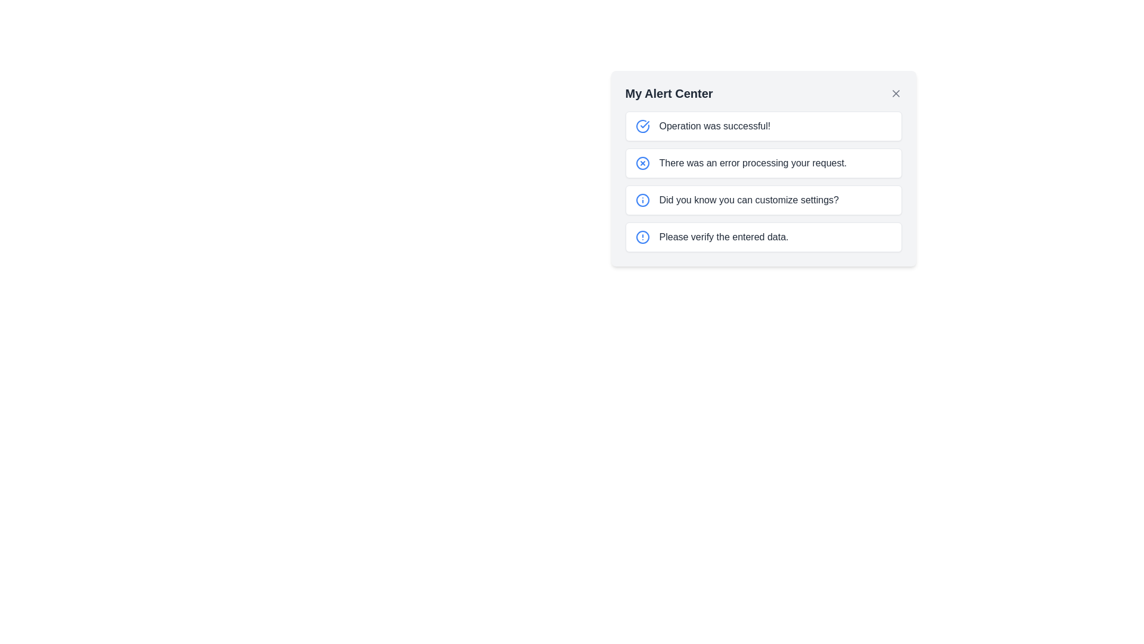  Describe the element at coordinates (642, 199) in the screenshot. I see `the circular vector graphic element in the third item of the 'My Alert Center' section` at that location.